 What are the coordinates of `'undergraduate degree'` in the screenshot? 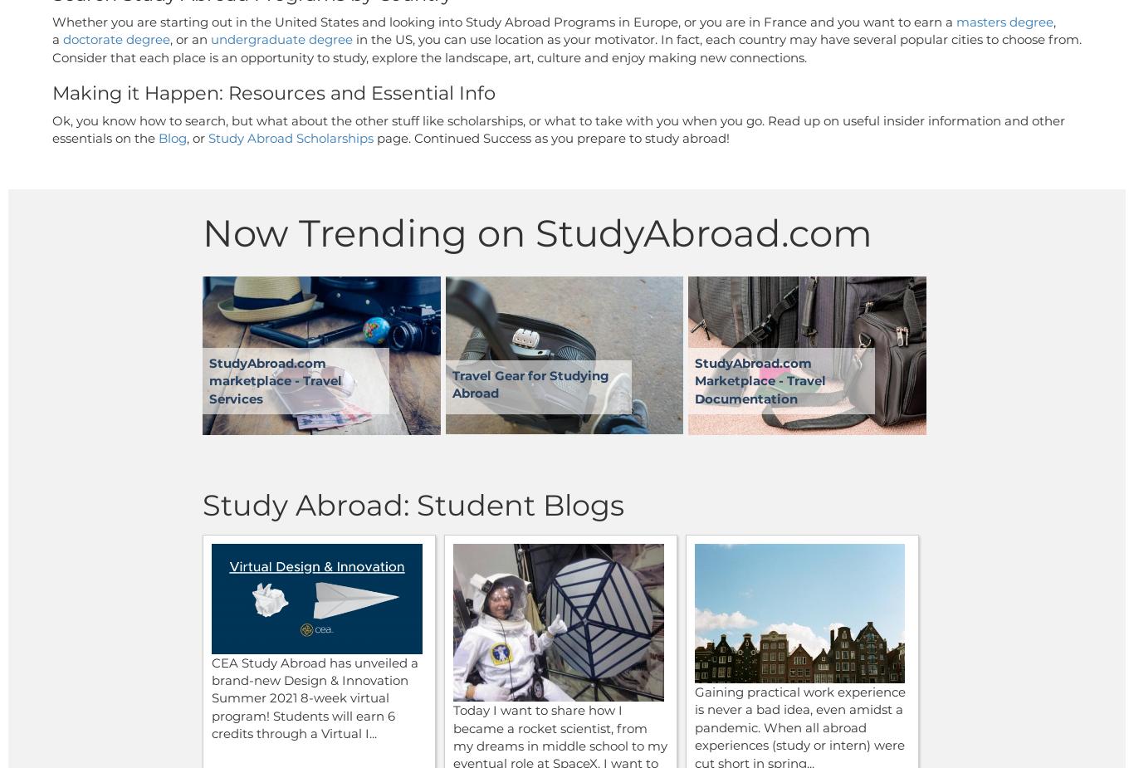 It's located at (281, 38).